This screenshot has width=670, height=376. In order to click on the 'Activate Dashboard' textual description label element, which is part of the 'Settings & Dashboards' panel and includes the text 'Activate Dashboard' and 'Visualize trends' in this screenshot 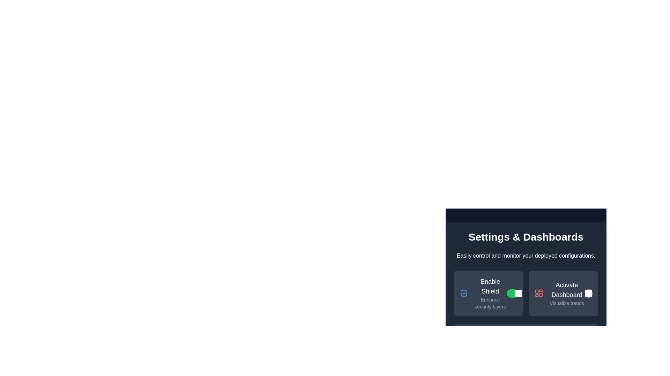, I will do `click(567, 293)`.